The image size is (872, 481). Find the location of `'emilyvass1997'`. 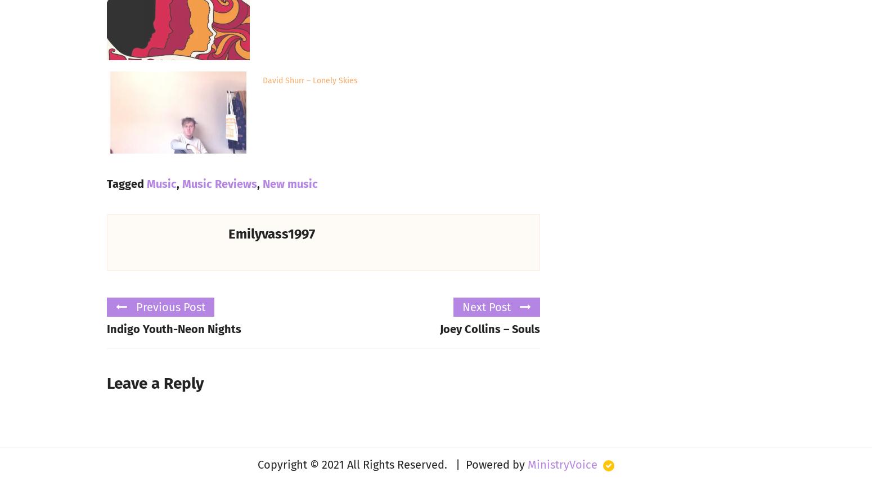

'emilyvass1997' is located at coordinates (271, 233).